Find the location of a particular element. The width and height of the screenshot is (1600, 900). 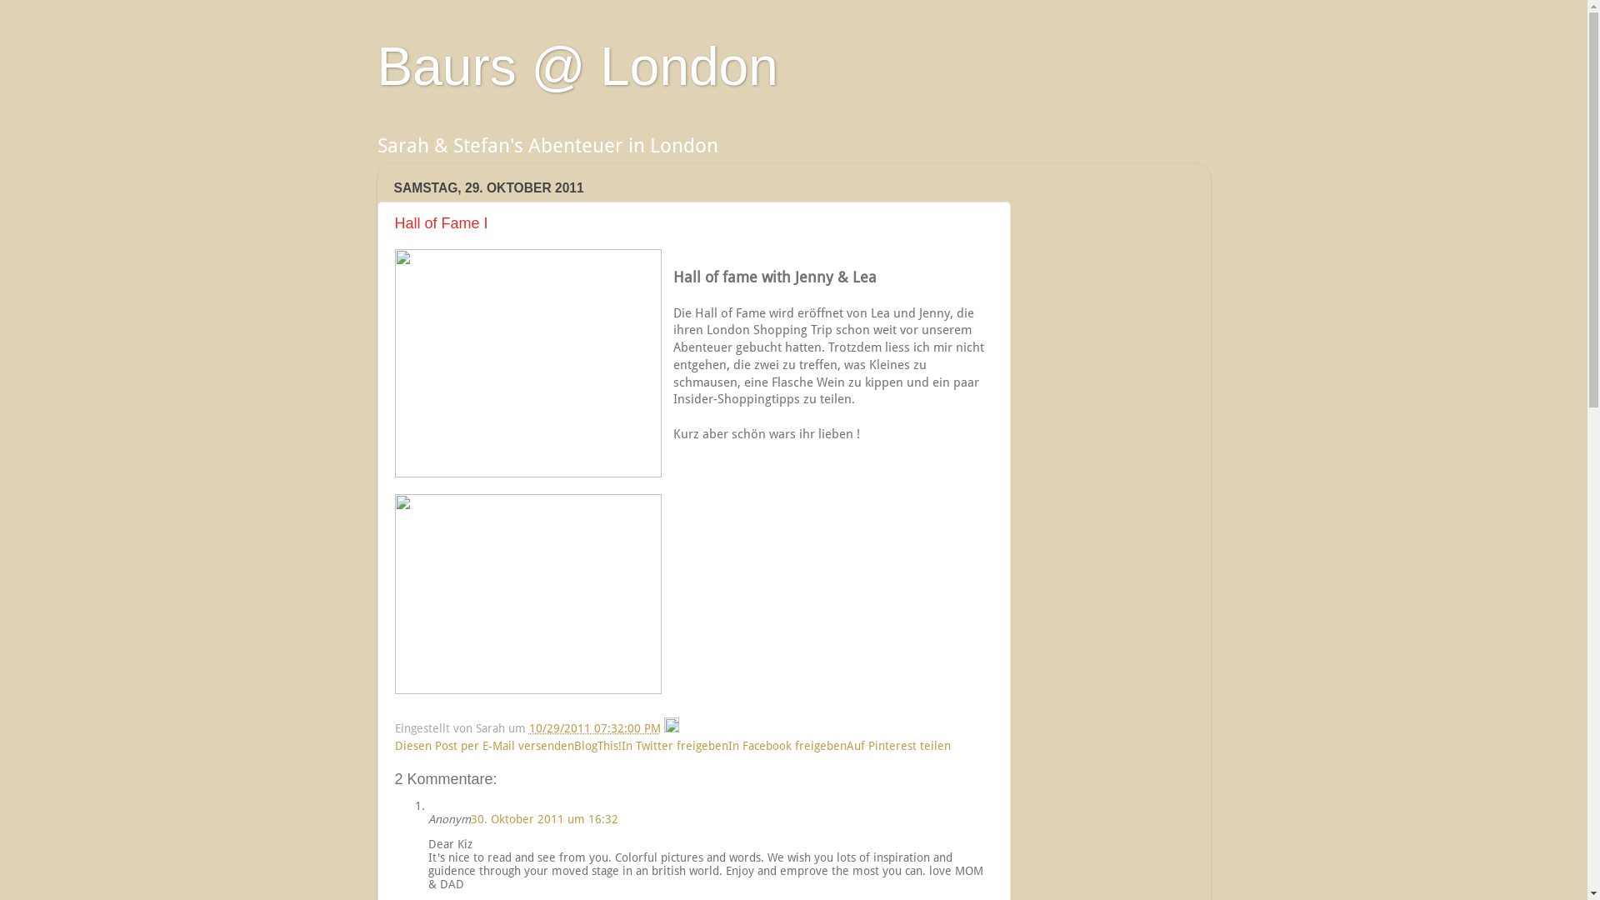

'Auf Pinterest teilen' is located at coordinates (847, 744).